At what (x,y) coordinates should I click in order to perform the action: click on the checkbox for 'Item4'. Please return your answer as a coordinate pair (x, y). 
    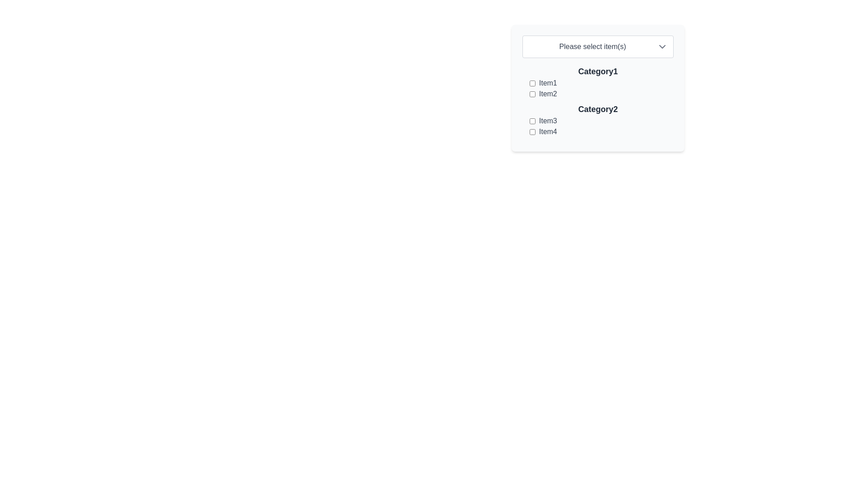
    Looking at the image, I should click on (532, 132).